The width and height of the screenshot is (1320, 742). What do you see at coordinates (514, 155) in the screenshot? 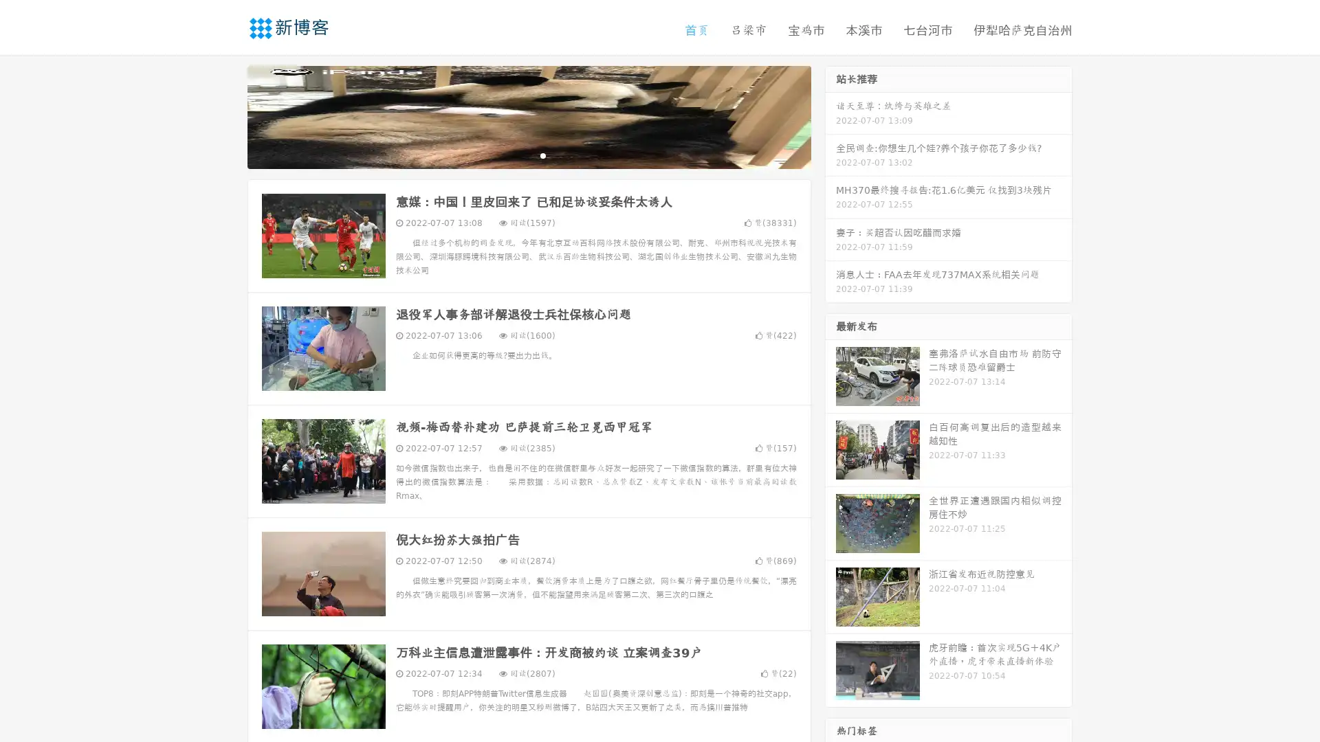
I see `Go to slide 1` at bounding box center [514, 155].